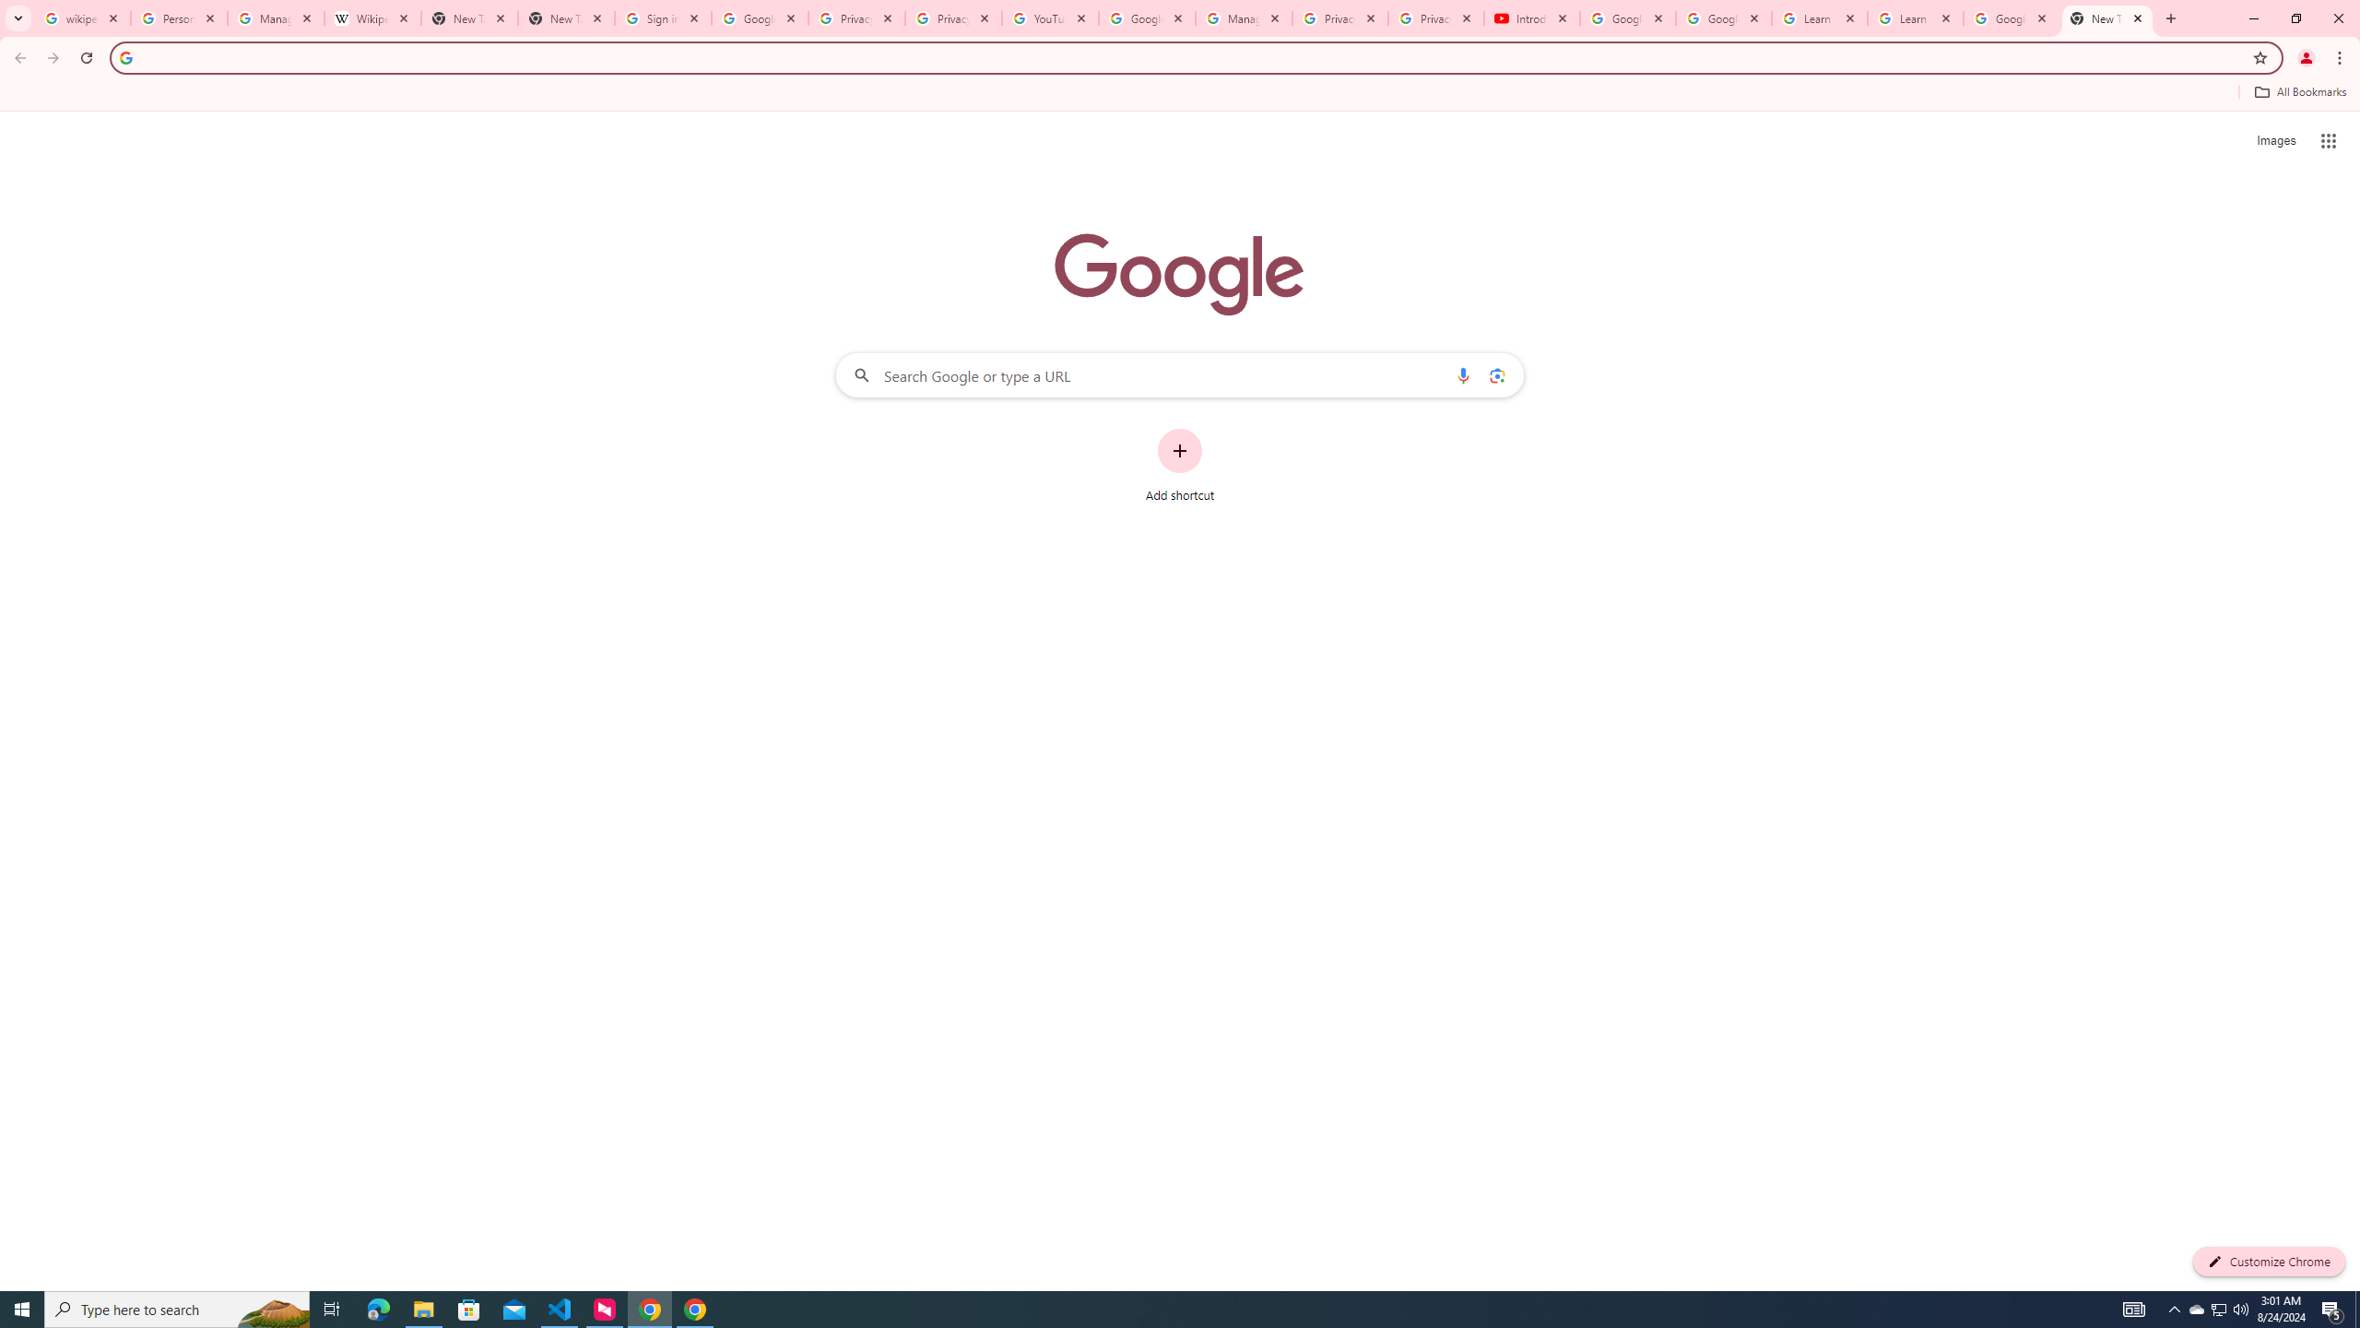 This screenshot has width=2360, height=1328. Describe the element at coordinates (1627, 18) in the screenshot. I see `'Google Account Help'` at that location.